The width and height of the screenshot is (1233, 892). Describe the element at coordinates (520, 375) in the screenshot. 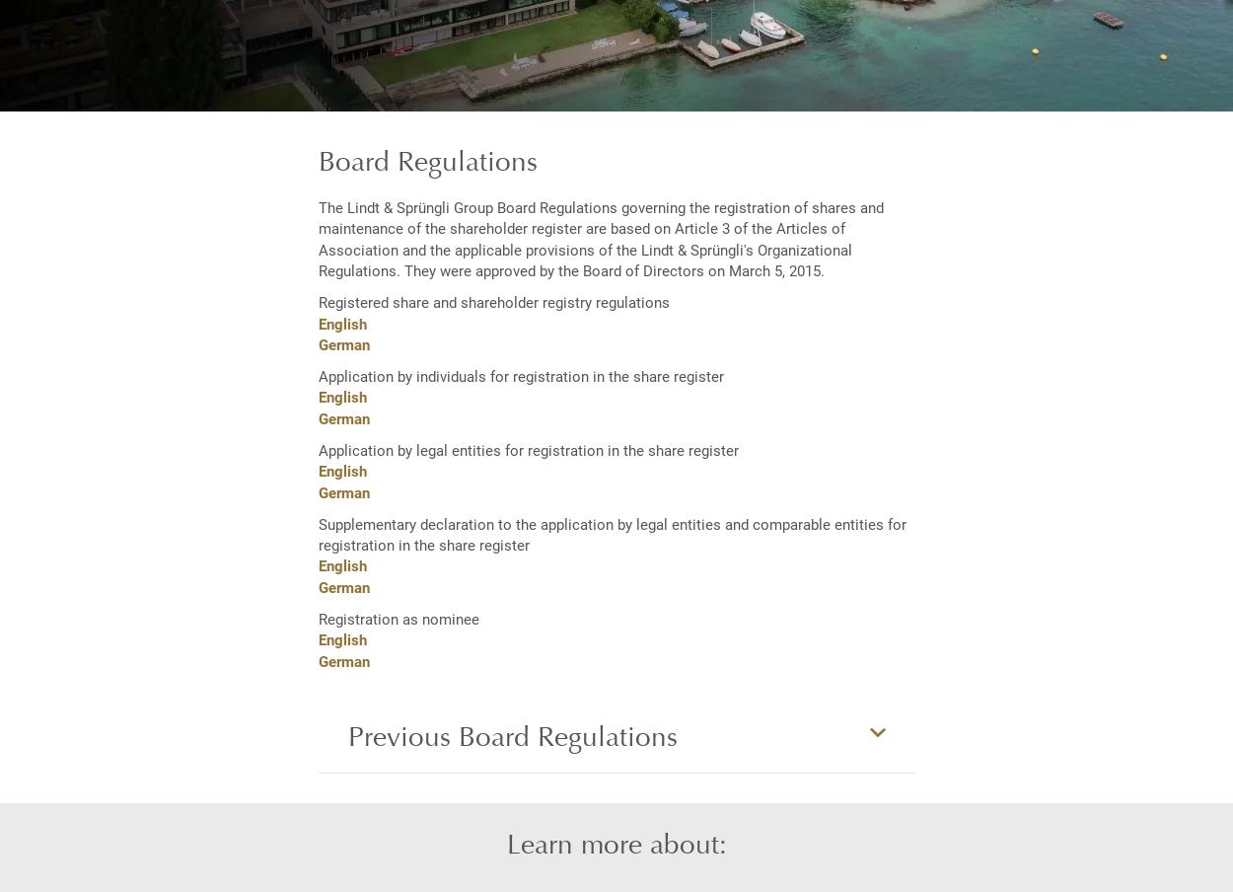

I see `'Application by individuals for registration in the share register'` at that location.